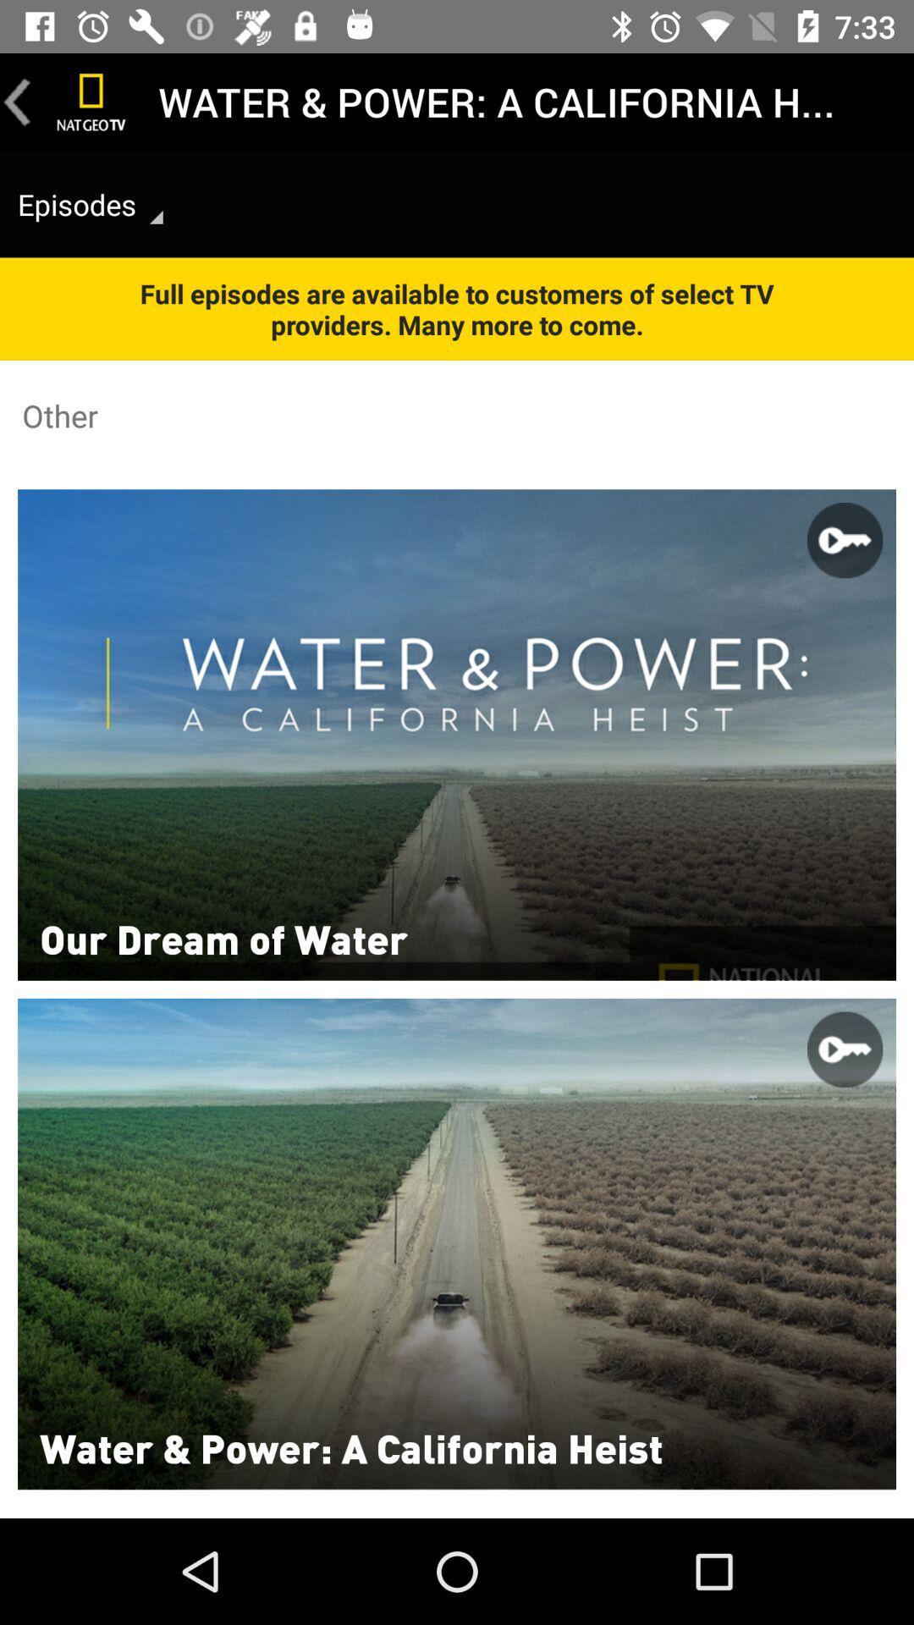 The image size is (914, 1625). What do you see at coordinates (223, 937) in the screenshot?
I see `item below the other` at bounding box center [223, 937].